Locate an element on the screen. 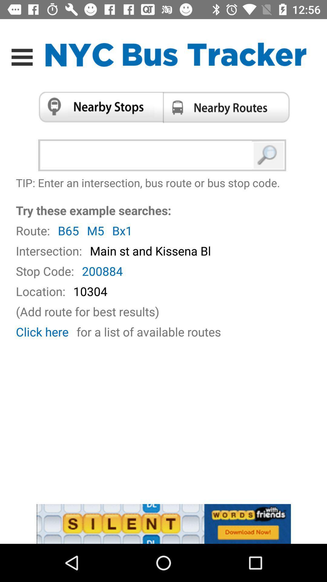 The image size is (327, 582). advertisement display is located at coordinates (163, 523).